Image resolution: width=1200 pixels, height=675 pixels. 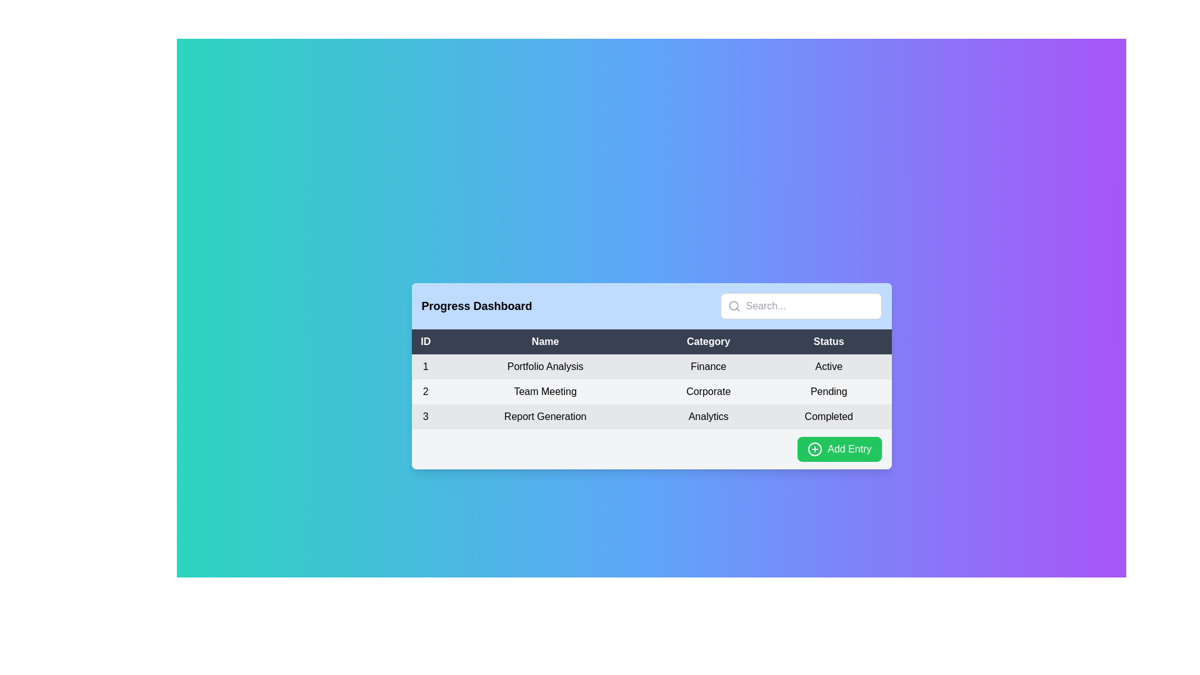 What do you see at coordinates (839, 448) in the screenshot?
I see `the distinct green button located in the bottom-right section of the 'Progress Dashboard' to initiate adding a new entry to the table` at bounding box center [839, 448].